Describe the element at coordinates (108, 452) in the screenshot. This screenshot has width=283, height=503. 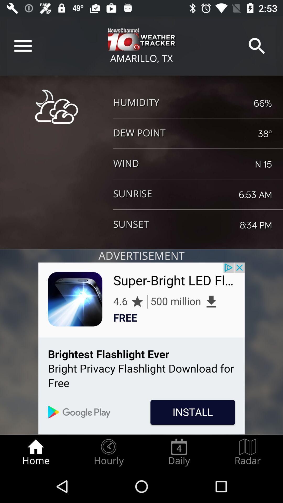
I see `item to the right of home radio button` at that location.